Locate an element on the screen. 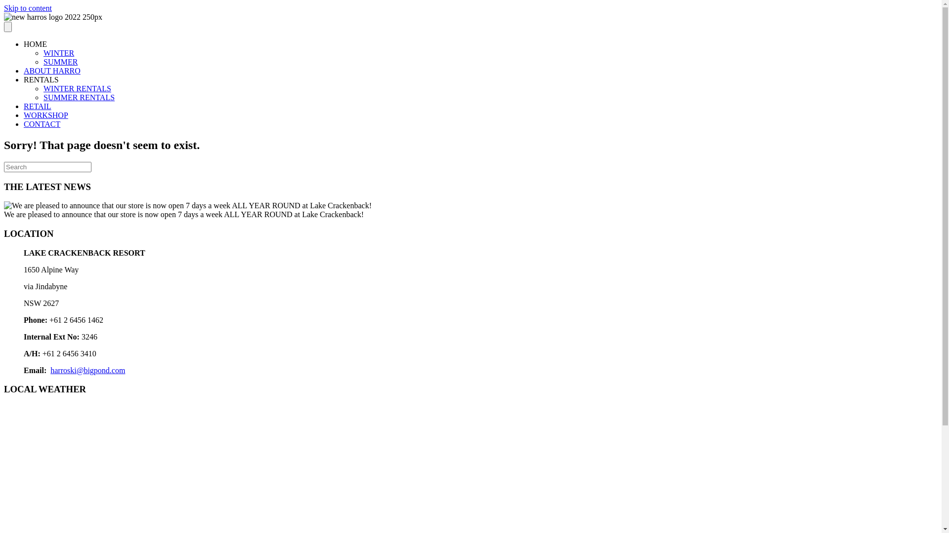 This screenshot has height=533, width=949. 'new harros logo 2022 250px' is located at coordinates (52, 17).